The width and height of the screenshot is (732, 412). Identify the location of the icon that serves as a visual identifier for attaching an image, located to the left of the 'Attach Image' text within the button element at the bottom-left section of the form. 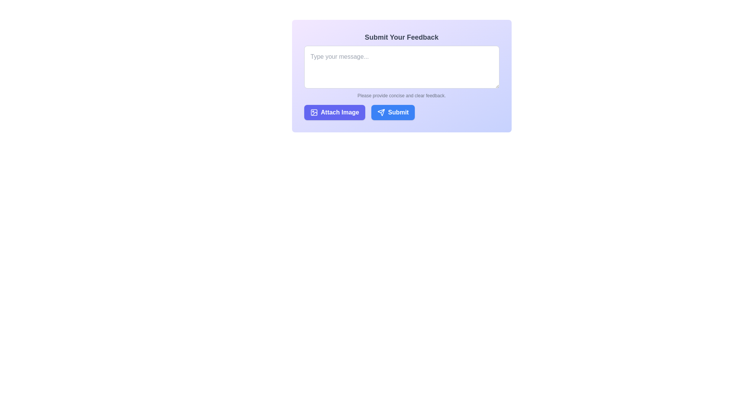
(314, 112).